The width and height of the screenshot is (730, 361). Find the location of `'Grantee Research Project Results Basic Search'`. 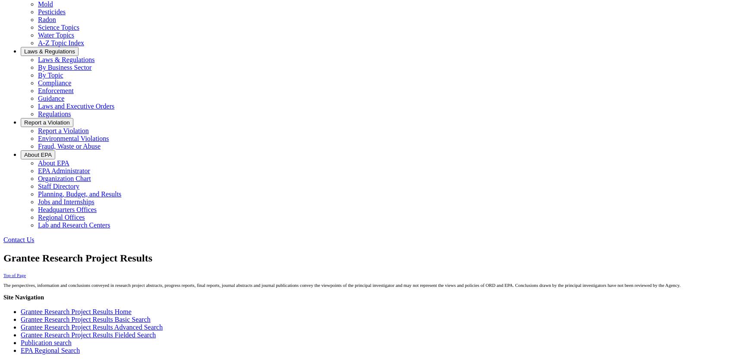

'Grantee Research Project Results Basic Search' is located at coordinates (85, 319).